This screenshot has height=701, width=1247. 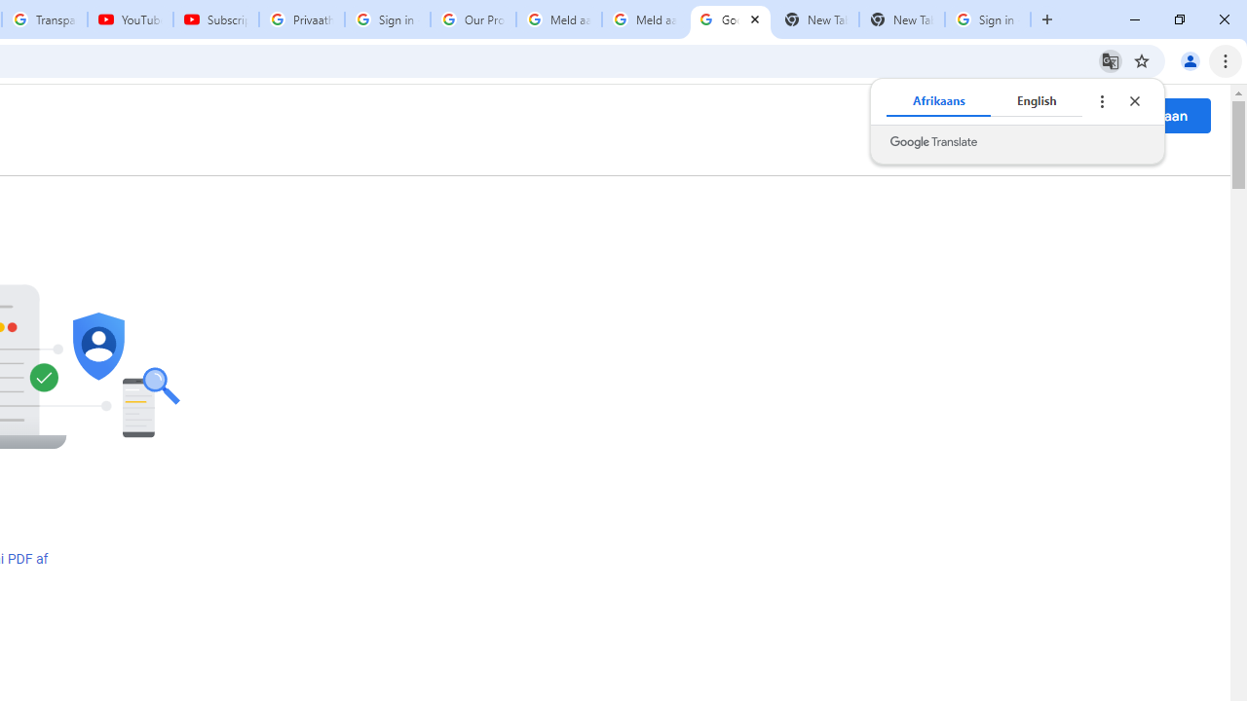 I want to click on 'Afrikaans', so click(x=938, y=101).